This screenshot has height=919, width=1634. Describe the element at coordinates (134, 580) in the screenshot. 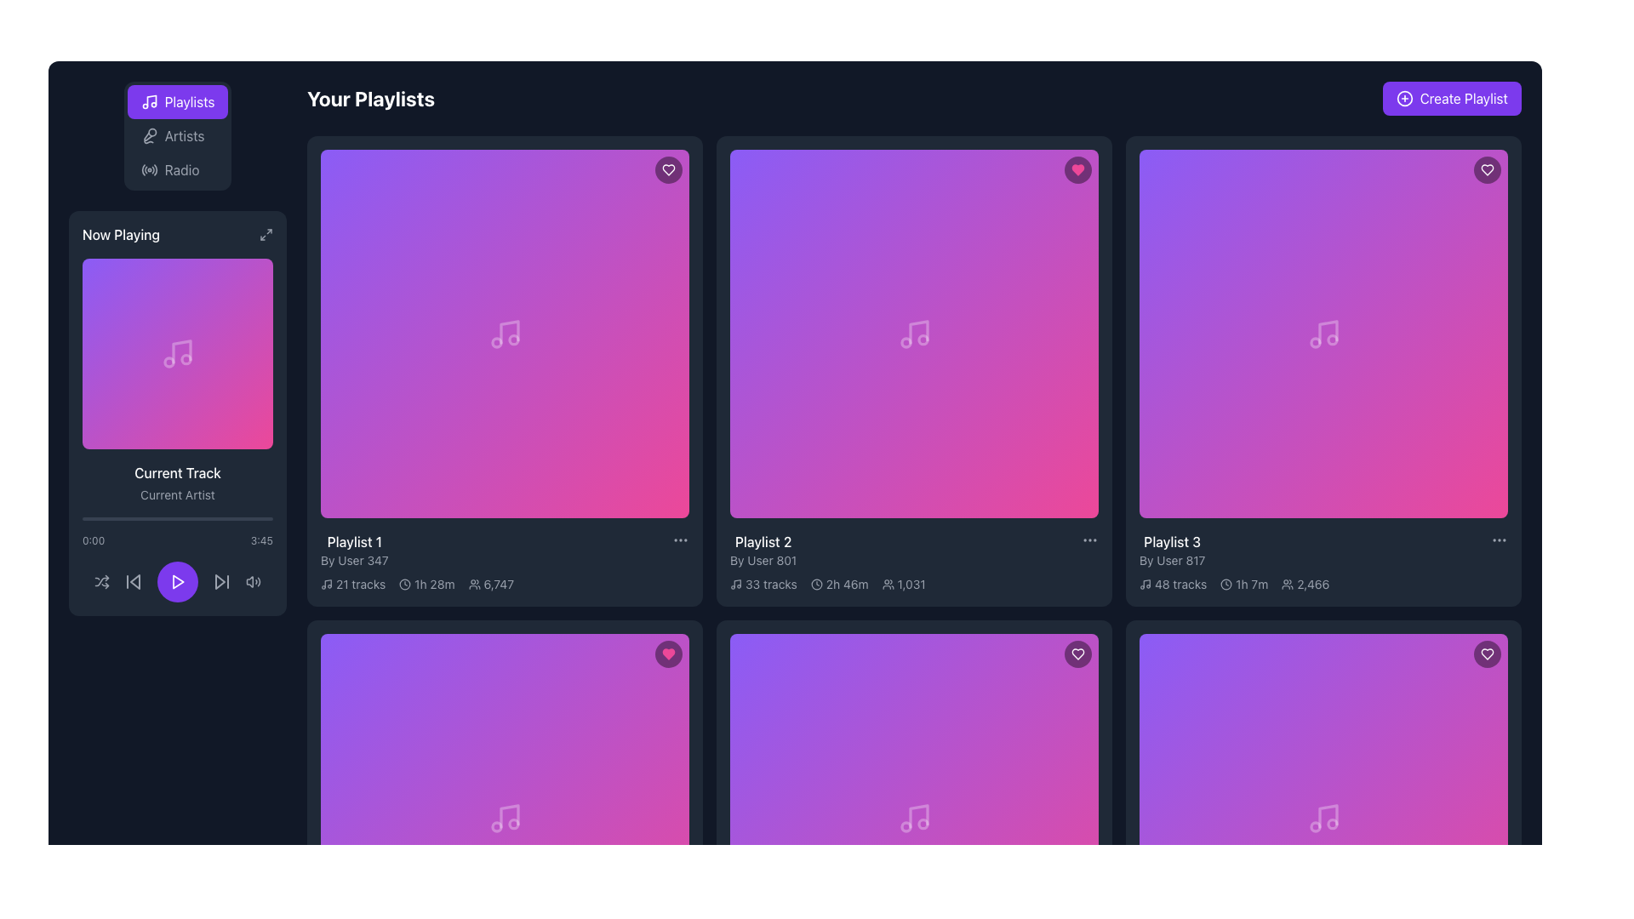

I see `the left-pointing triangle part of the back-skip button in the music player interface` at that location.